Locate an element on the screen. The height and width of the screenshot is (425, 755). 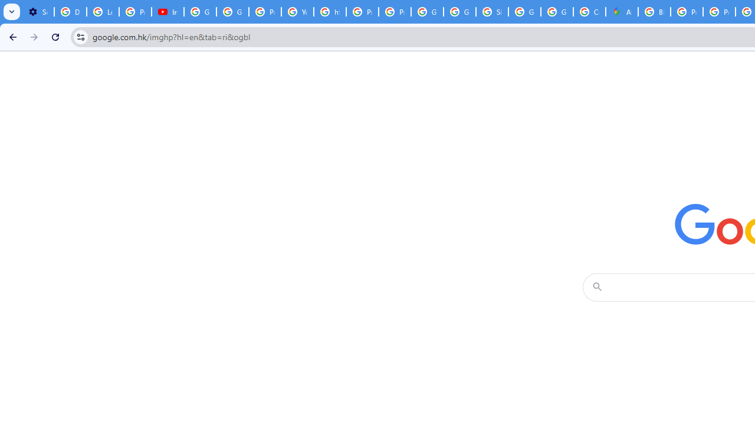
'YouTube' is located at coordinates (297, 12).